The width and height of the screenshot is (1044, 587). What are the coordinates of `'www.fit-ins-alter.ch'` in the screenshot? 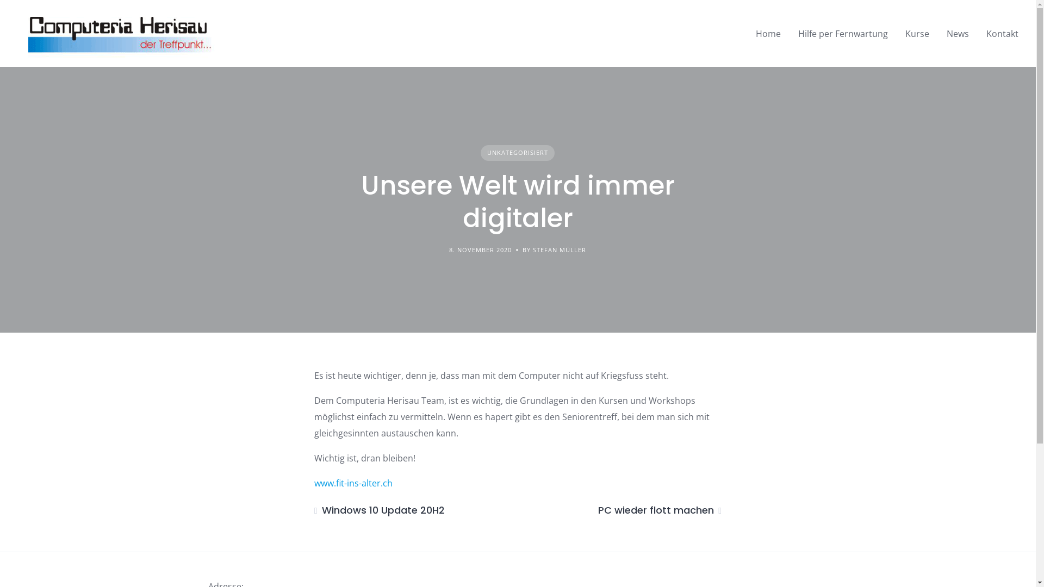 It's located at (353, 482).